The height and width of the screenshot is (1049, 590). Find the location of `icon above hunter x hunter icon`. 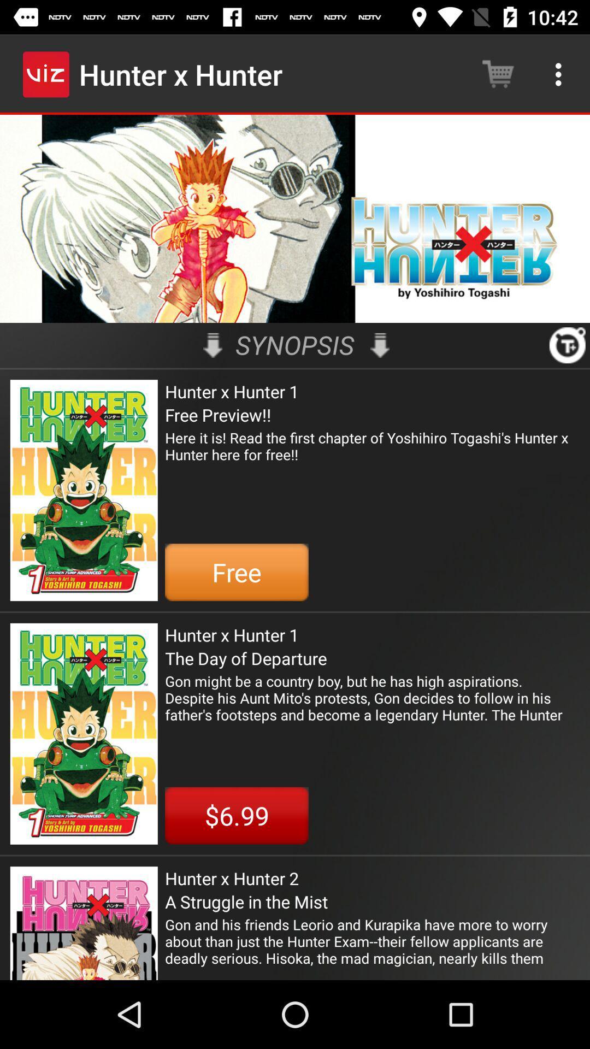

icon above hunter x hunter icon is located at coordinates (295, 344).